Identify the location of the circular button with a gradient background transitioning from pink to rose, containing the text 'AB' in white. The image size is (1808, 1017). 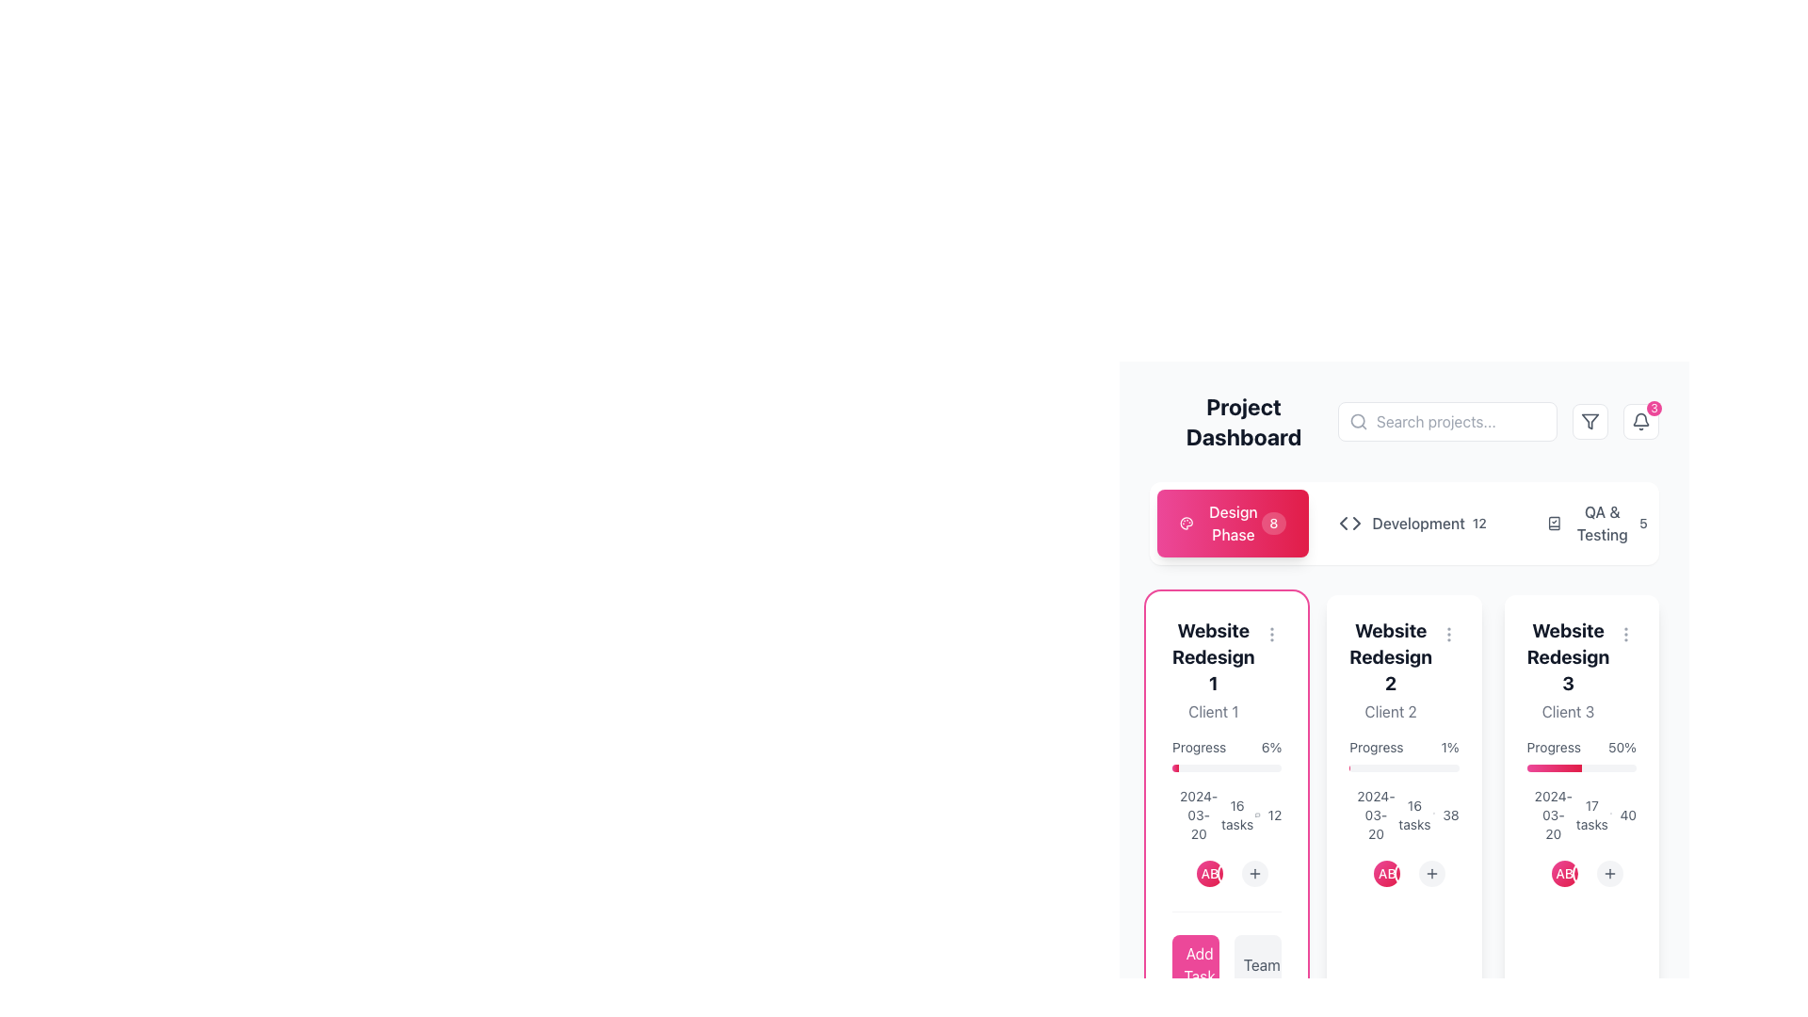
(1186, 874).